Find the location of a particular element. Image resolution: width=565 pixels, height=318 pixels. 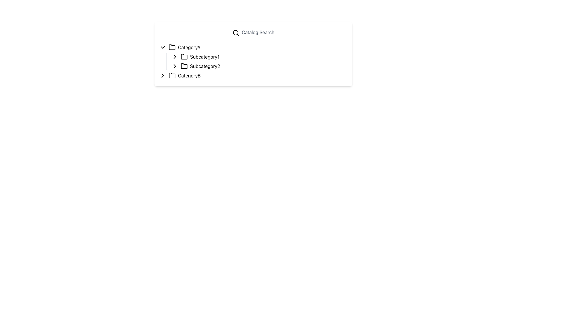

the downward chevron icon indicating the 'CategoryA' section, which is currently expanded and positioned to the left of the text 'CategoryA' is located at coordinates (162, 47).